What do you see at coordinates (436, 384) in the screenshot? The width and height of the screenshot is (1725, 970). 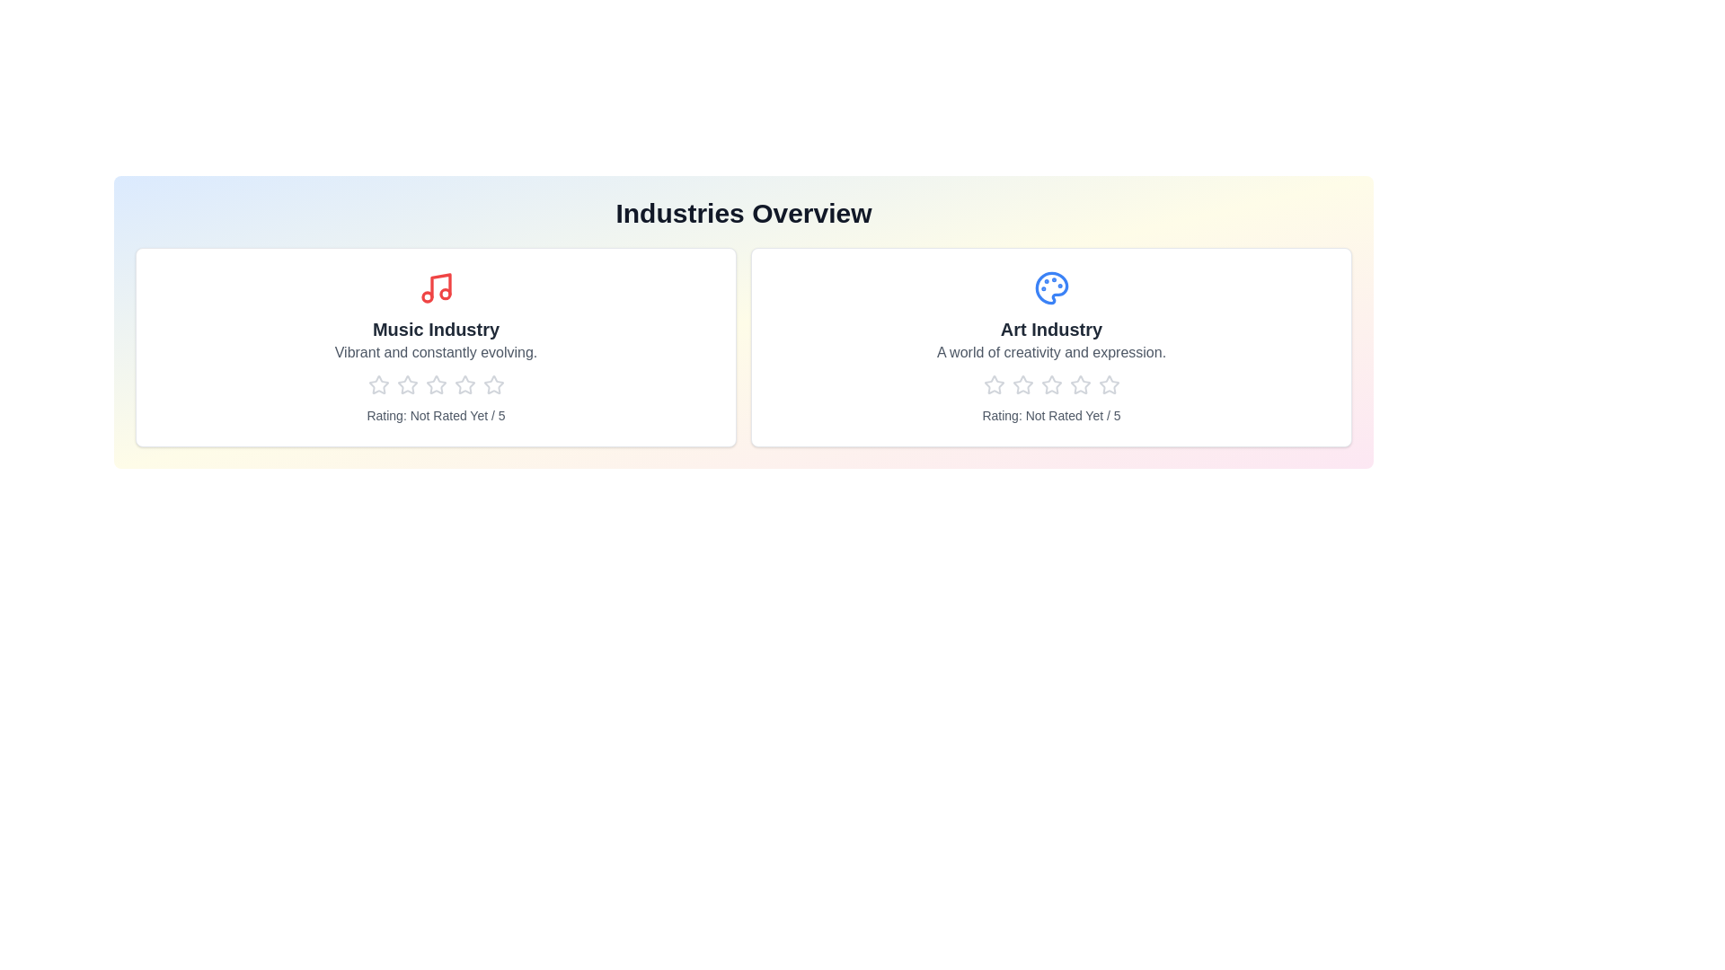 I see `the star corresponding to 3 stars to preview the rating` at bounding box center [436, 384].